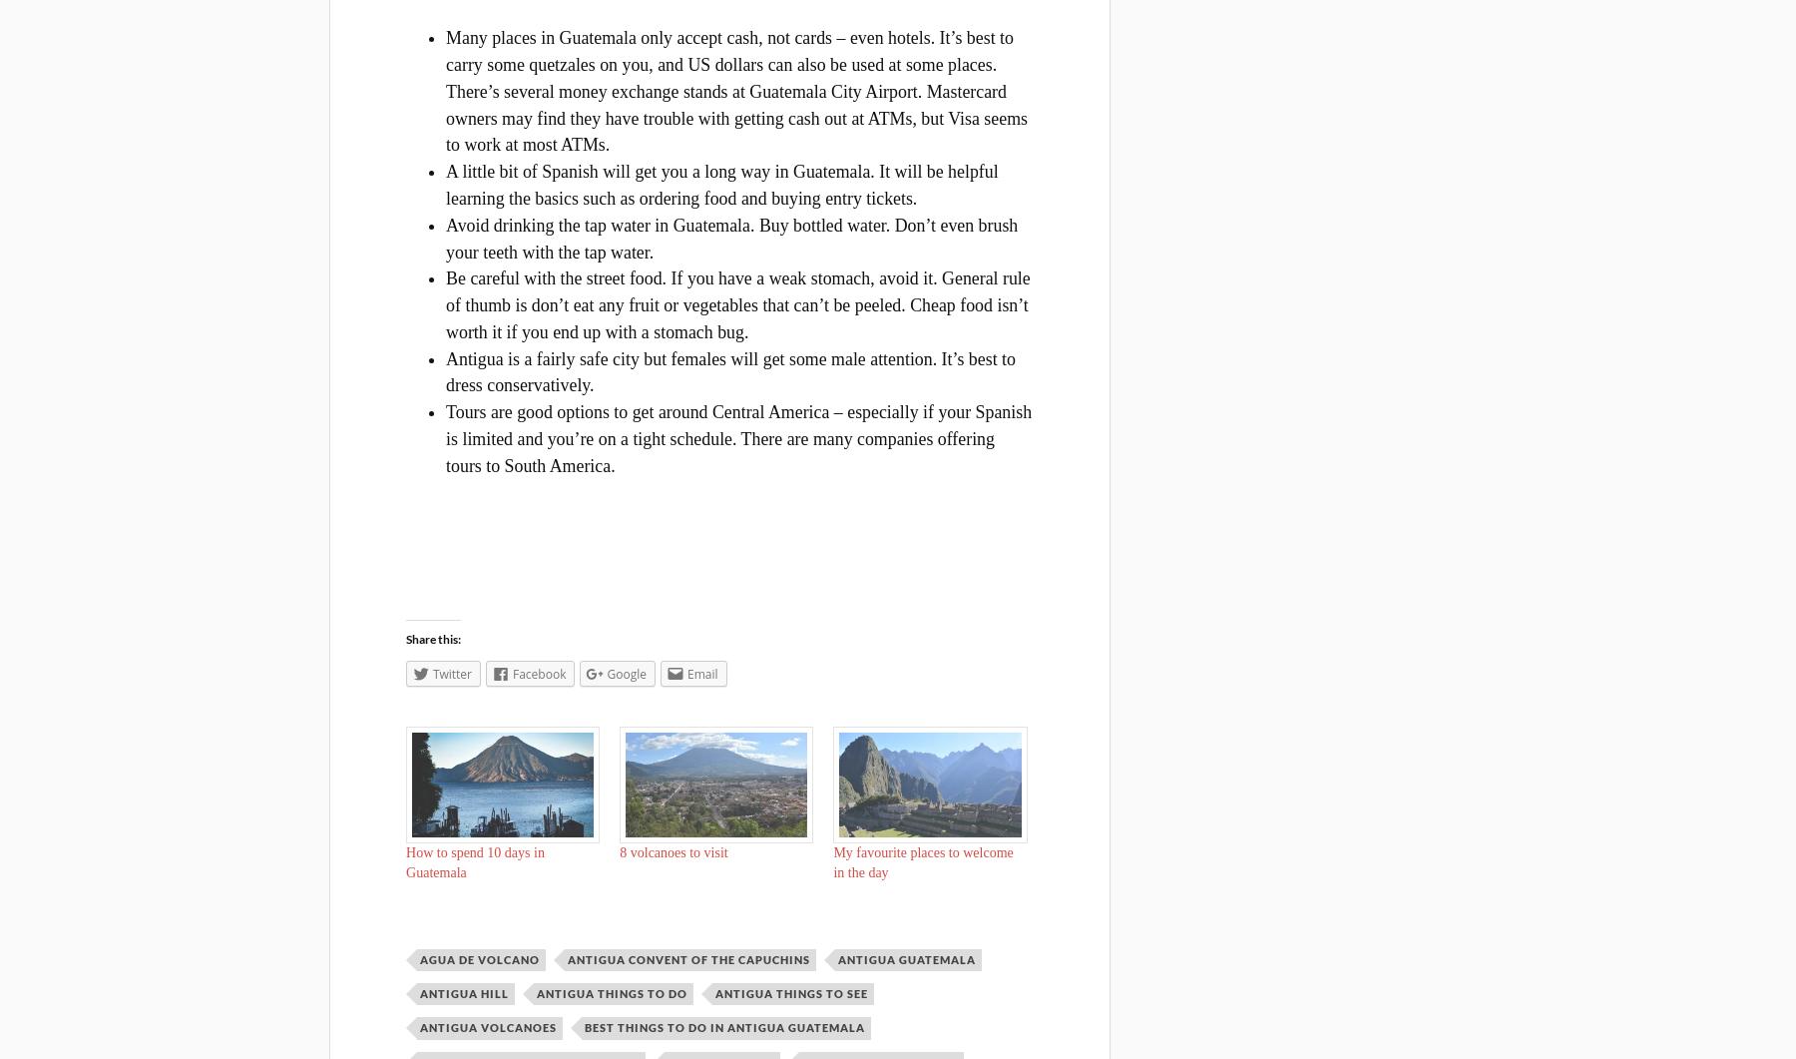 This screenshot has height=1059, width=1796. Describe the element at coordinates (538, 672) in the screenshot. I see `'Facebook'` at that location.